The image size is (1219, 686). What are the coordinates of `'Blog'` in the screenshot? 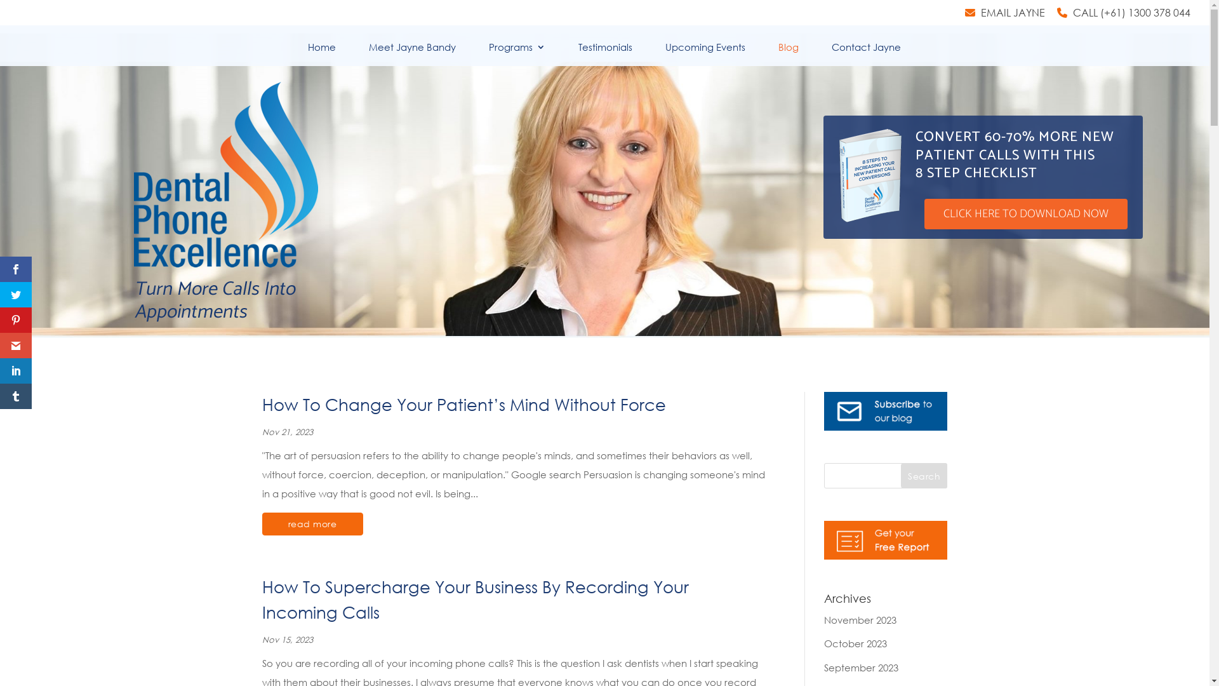 It's located at (788, 53).